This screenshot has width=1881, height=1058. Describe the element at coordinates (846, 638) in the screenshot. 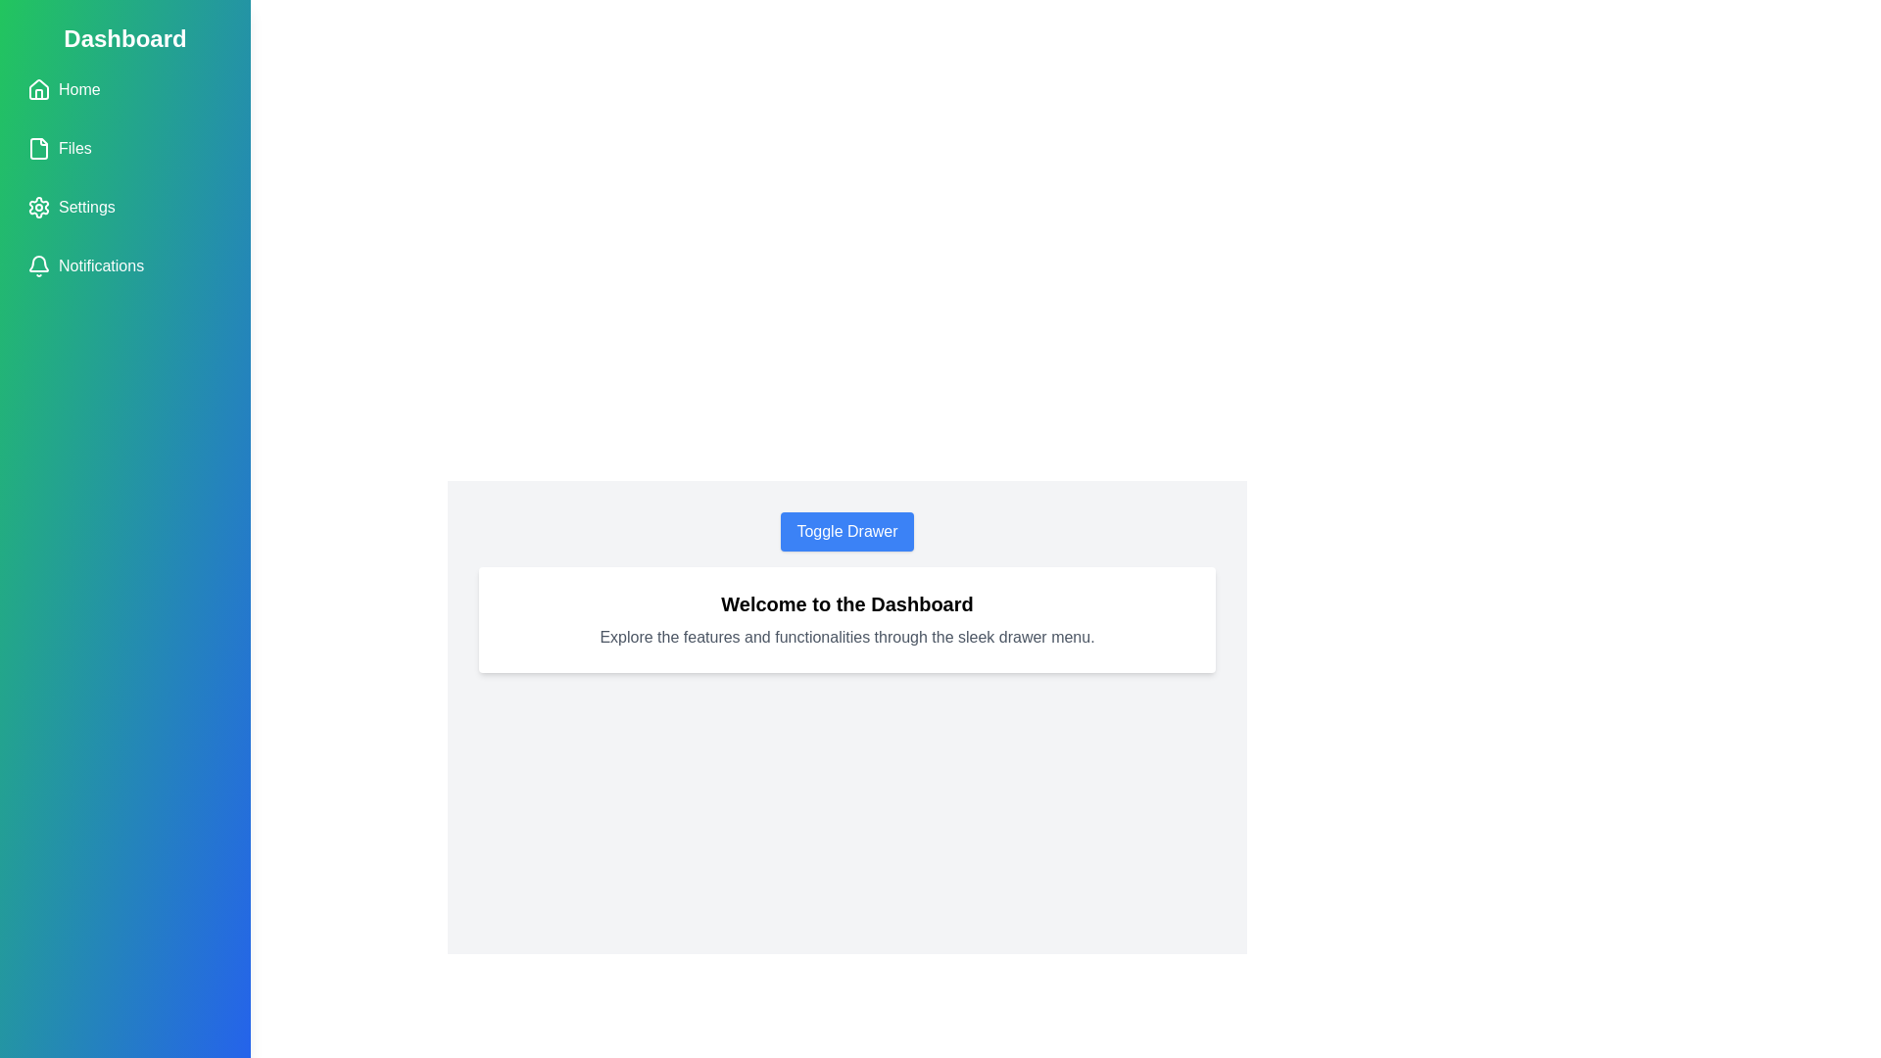

I see `the informational text to select it` at that location.